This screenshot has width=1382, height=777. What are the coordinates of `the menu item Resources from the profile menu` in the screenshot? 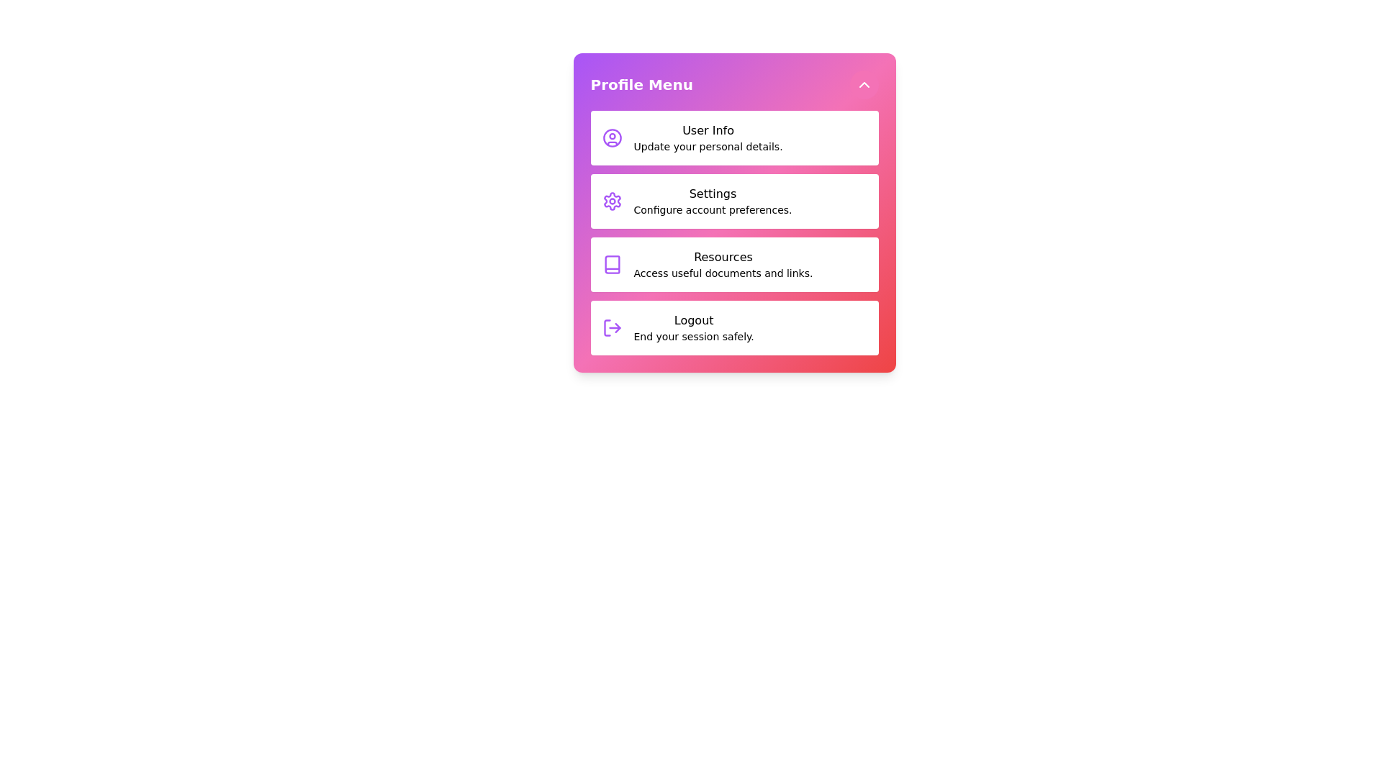 It's located at (734, 264).